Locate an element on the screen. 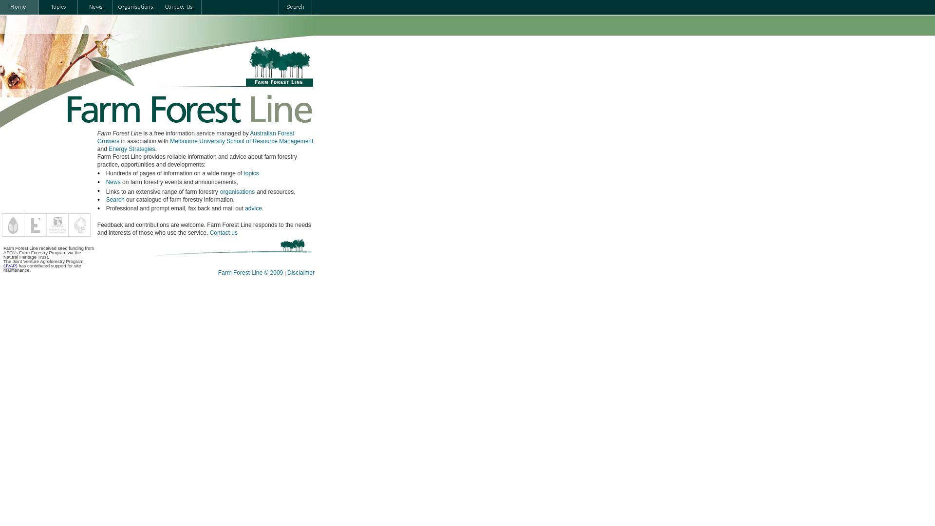 This screenshot has width=935, height=526. 'Australian Forest Growers' is located at coordinates (97, 137).